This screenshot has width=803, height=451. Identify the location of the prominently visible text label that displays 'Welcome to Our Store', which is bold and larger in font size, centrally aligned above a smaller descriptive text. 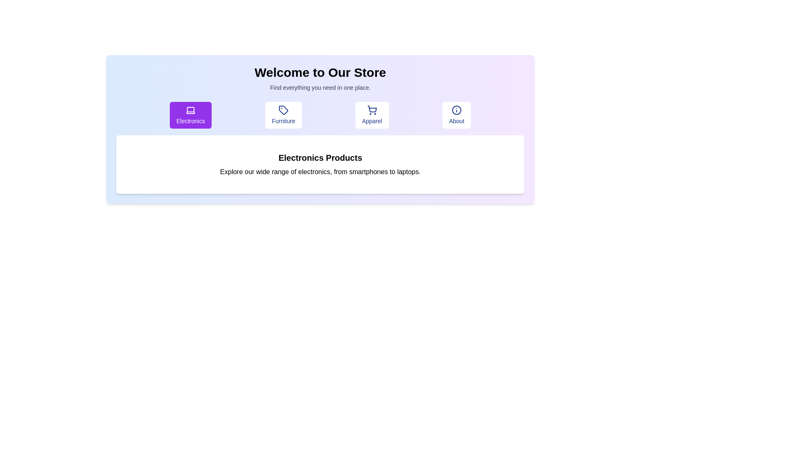
(320, 72).